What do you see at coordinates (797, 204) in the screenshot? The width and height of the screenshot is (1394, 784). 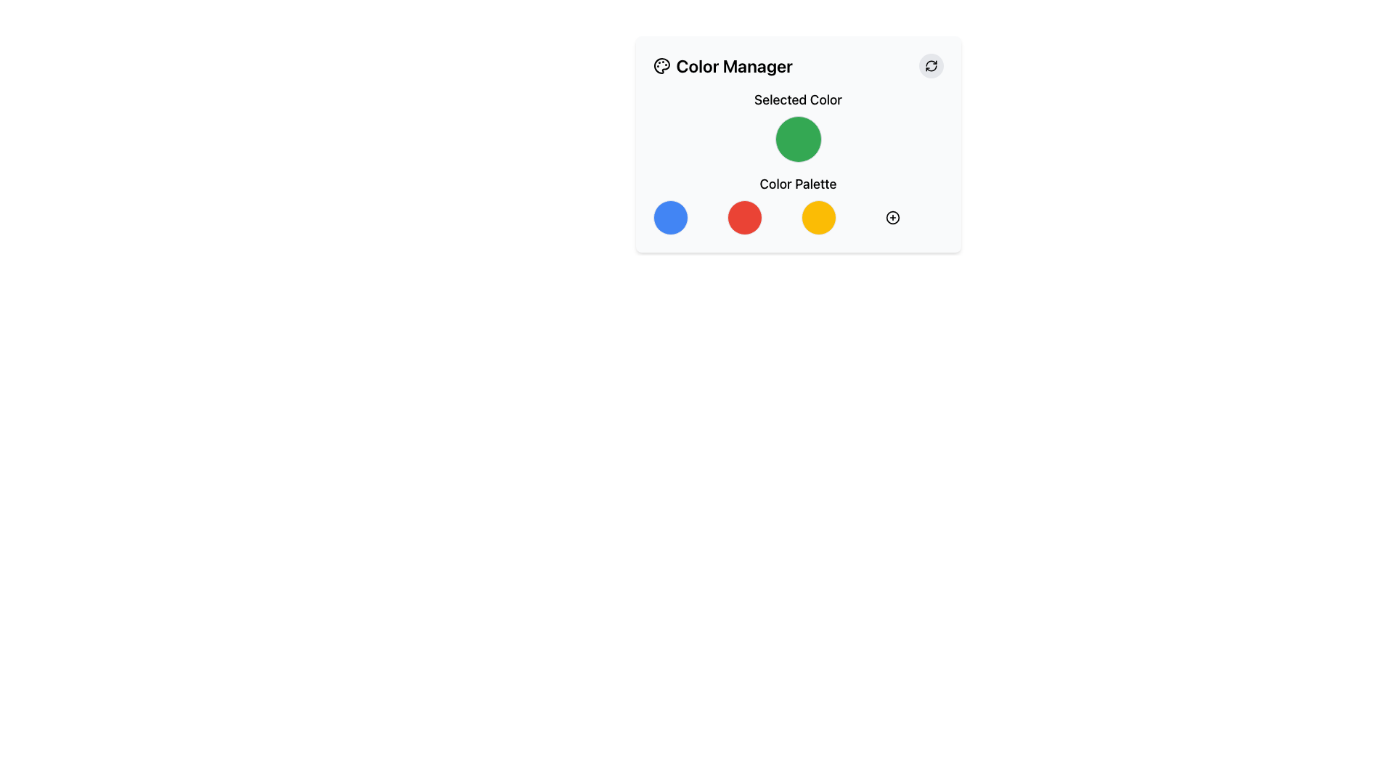 I see `the color circles in the Interactive section of the Color Manager, located below the Selected Color section with a green circular indicator` at bounding box center [797, 204].